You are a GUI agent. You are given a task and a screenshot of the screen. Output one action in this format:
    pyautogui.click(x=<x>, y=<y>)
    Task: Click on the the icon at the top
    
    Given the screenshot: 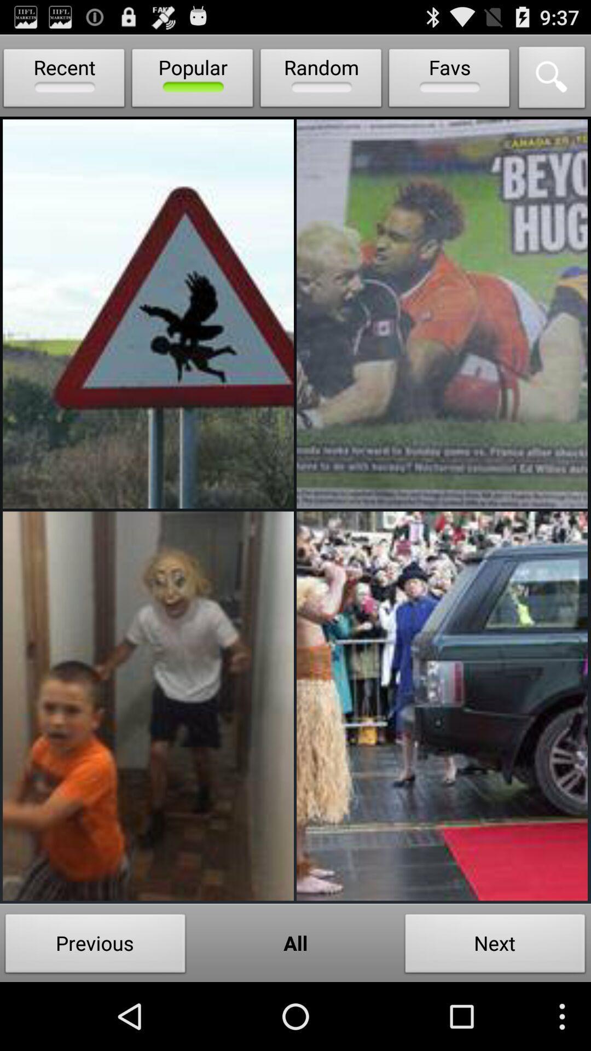 What is the action you would take?
    pyautogui.click(x=320, y=80)
    